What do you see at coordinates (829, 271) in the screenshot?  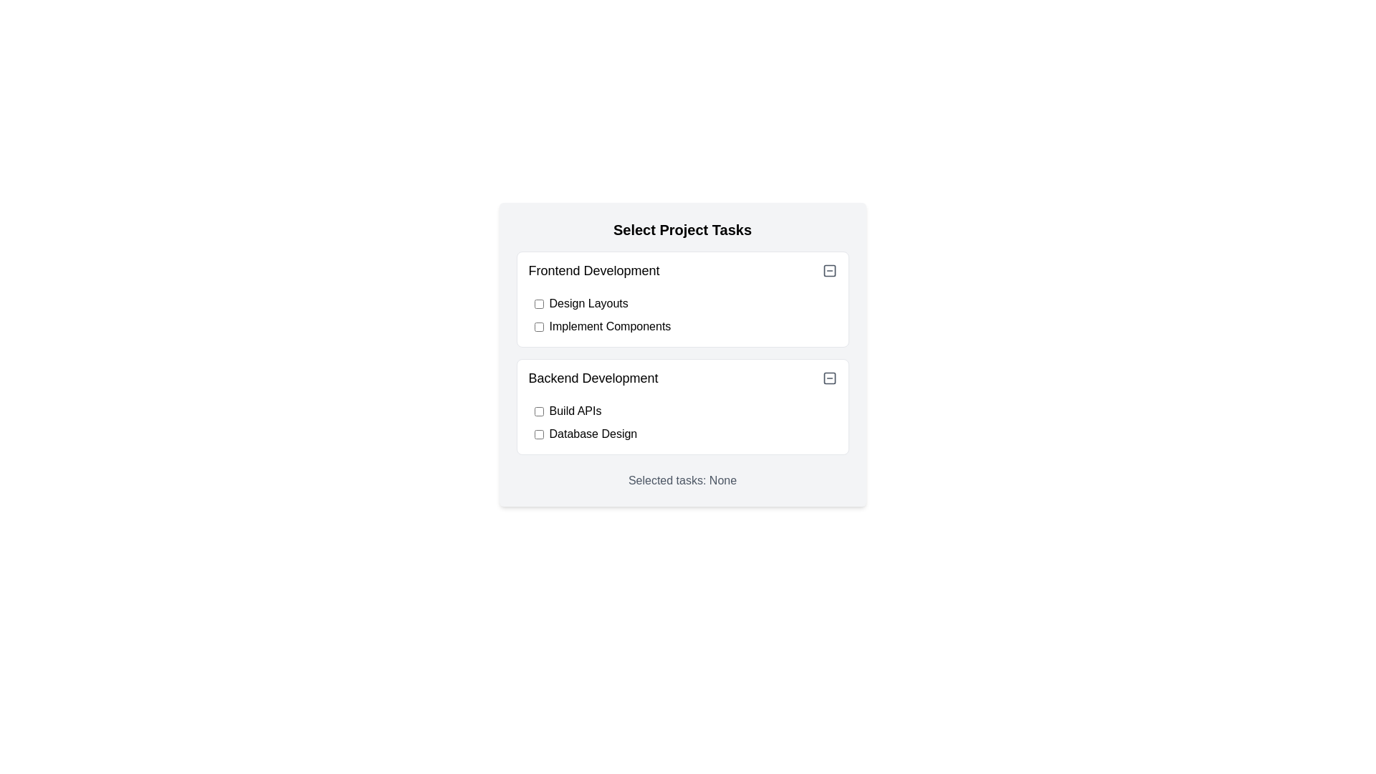 I see `the minus icon located to the far right of the 'Frontend Development' section` at bounding box center [829, 271].